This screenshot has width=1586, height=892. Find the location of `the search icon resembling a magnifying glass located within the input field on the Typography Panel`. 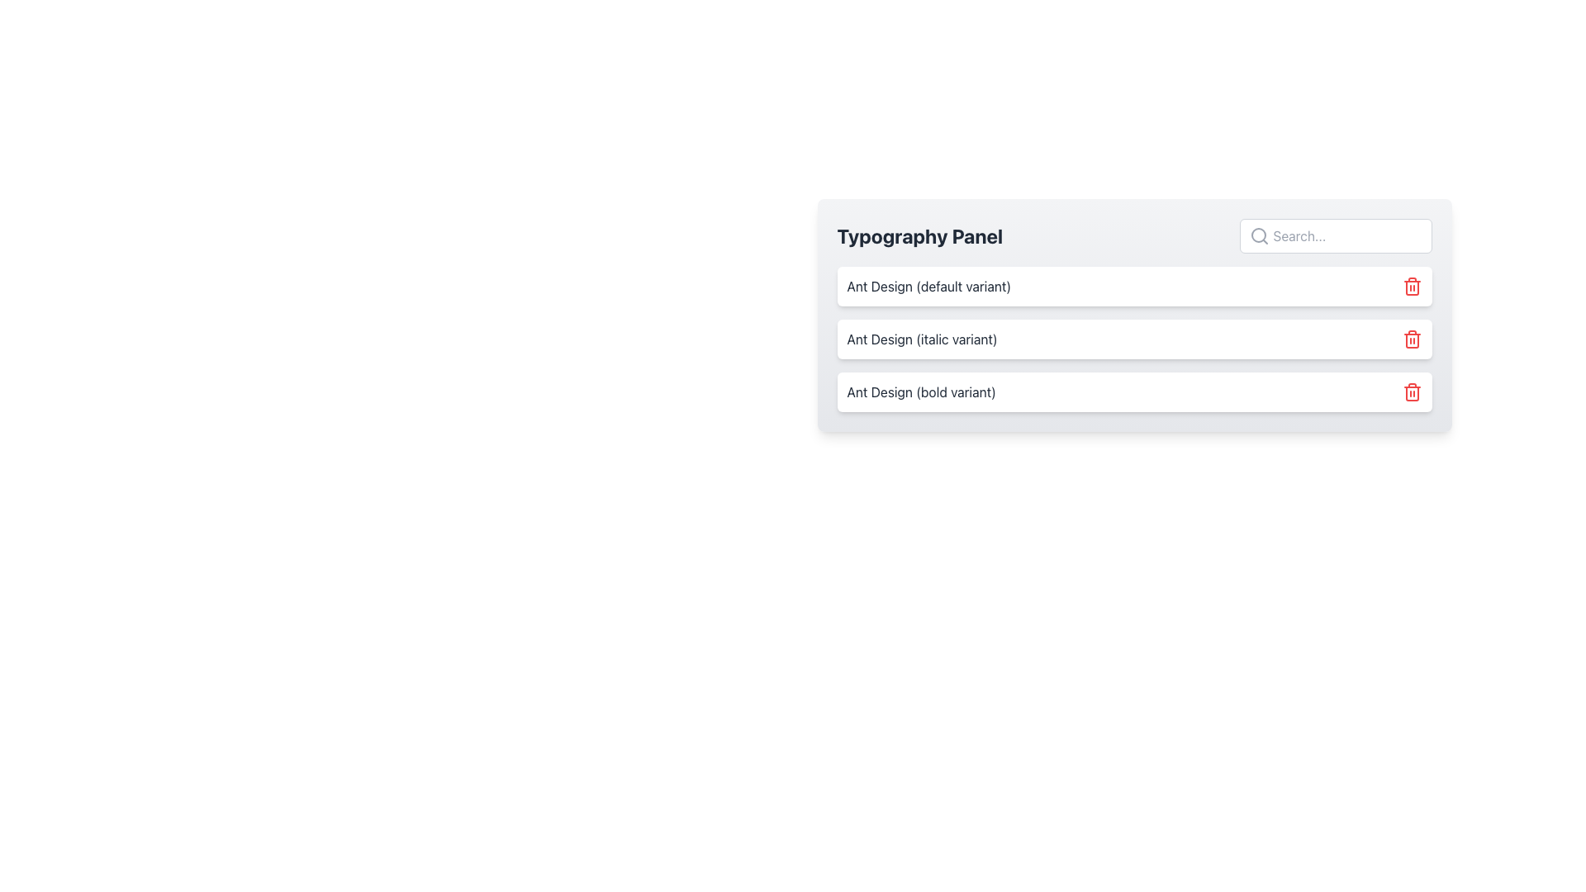

the search icon resembling a magnifying glass located within the input field on the Typography Panel is located at coordinates (1258, 235).